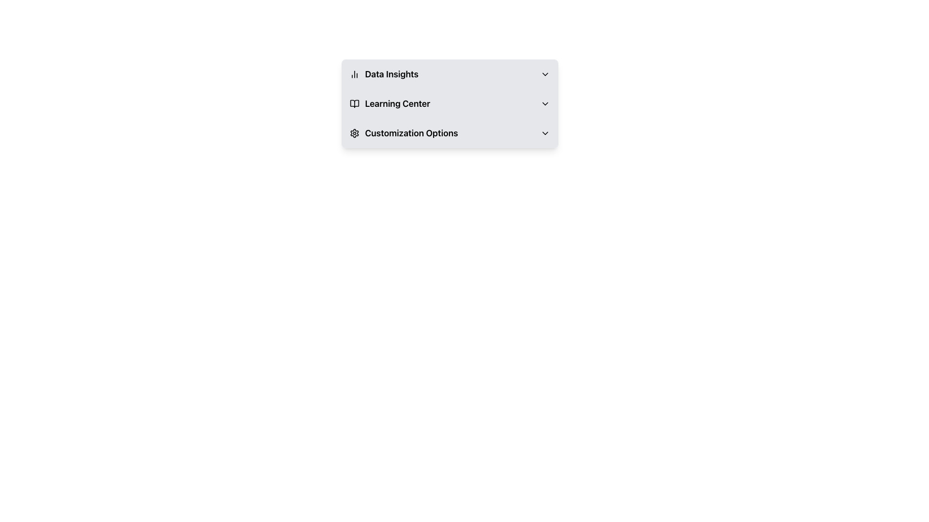 The width and height of the screenshot is (929, 522). Describe the element at coordinates (545, 74) in the screenshot. I see `the small downward-facing chevron arrow icon located to the right of the text 'Data Insights'` at that location.